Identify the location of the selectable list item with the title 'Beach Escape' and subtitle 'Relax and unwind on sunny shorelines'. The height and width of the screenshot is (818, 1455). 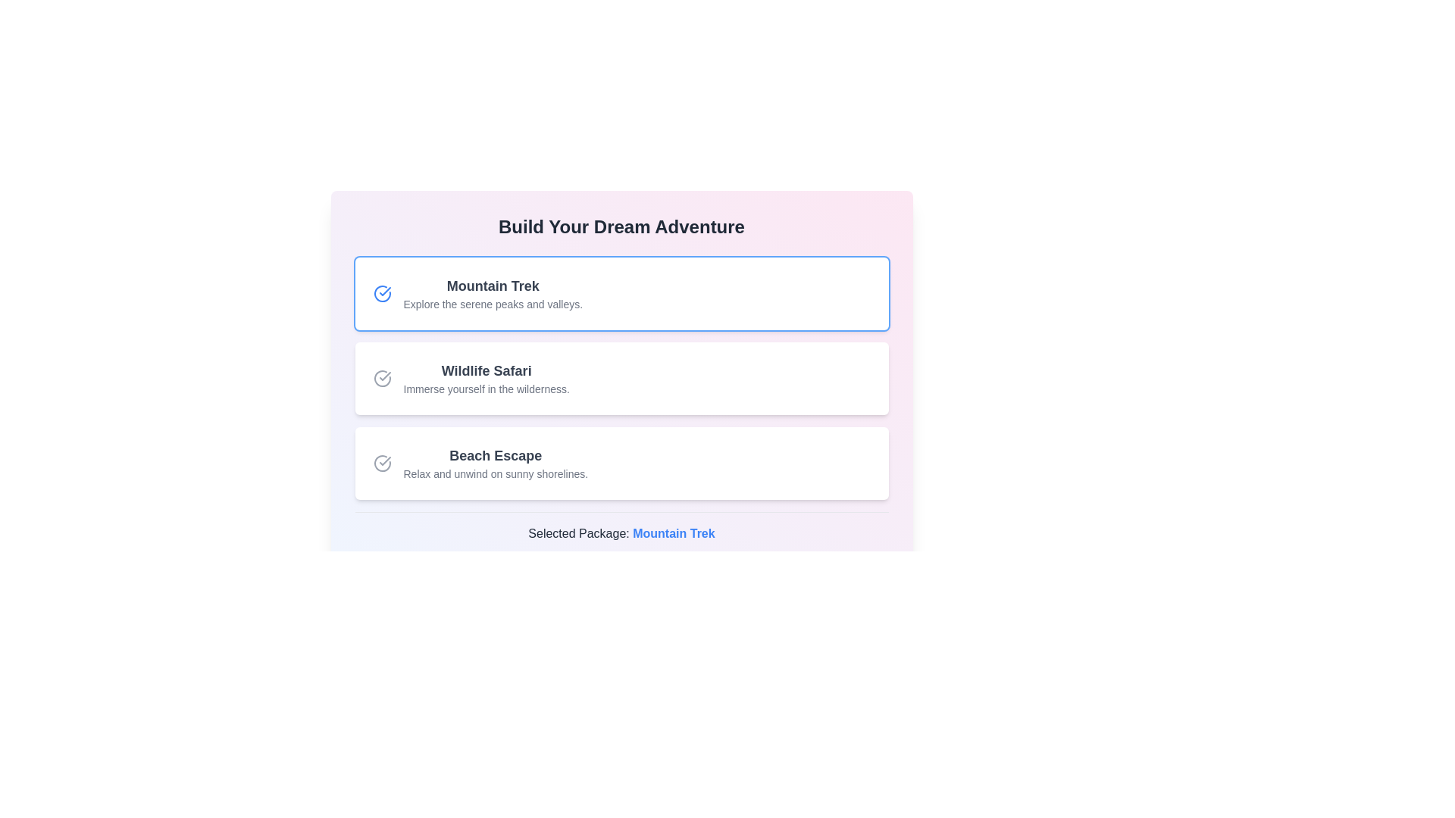
(621, 463).